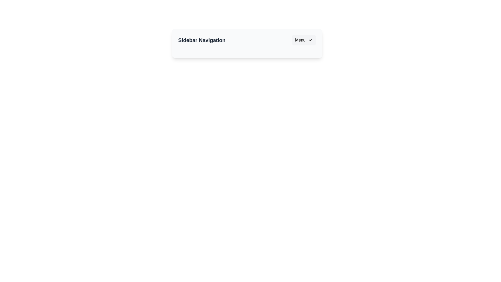 This screenshot has height=282, width=501. Describe the element at coordinates (304, 40) in the screenshot. I see `the menu button to toggle the sidebar menu` at that location.